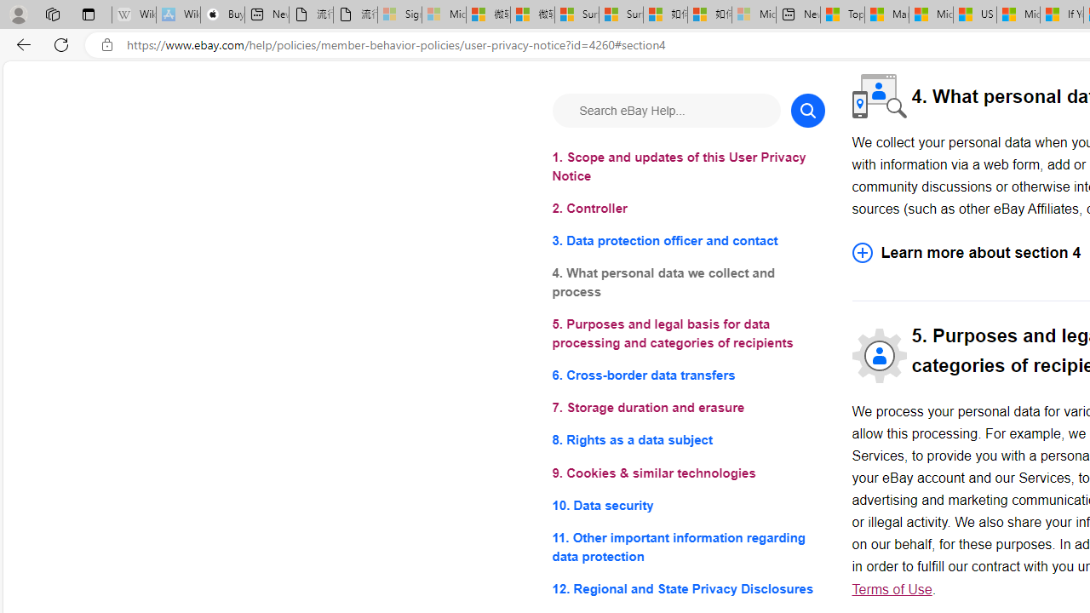 Image resolution: width=1090 pixels, height=613 pixels. What do you see at coordinates (688, 282) in the screenshot?
I see `'4. What personal data we collect and process'` at bounding box center [688, 282].